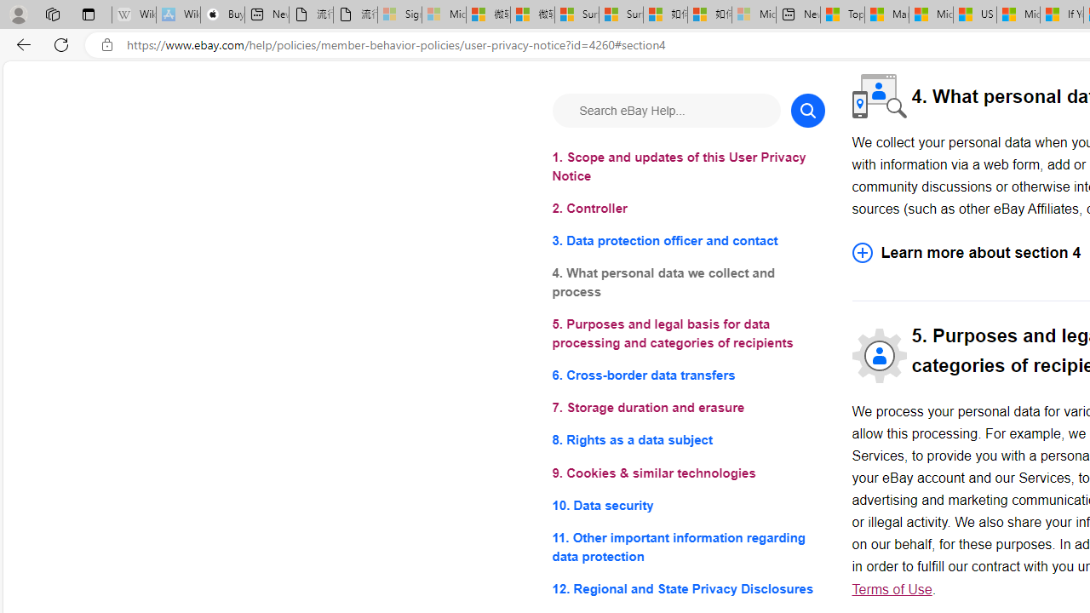 Image resolution: width=1090 pixels, height=613 pixels. What do you see at coordinates (688, 282) in the screenshot?
I see `'4. What personal data we collect and process'` at bounding box center [688, 282].